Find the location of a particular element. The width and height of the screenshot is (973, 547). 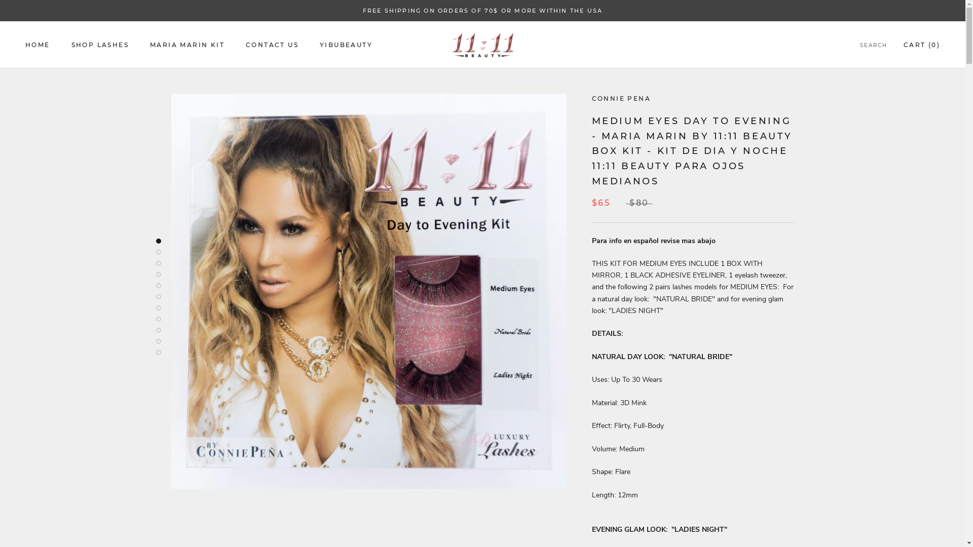

'SEARCH' is located at coordinates (873, 46).